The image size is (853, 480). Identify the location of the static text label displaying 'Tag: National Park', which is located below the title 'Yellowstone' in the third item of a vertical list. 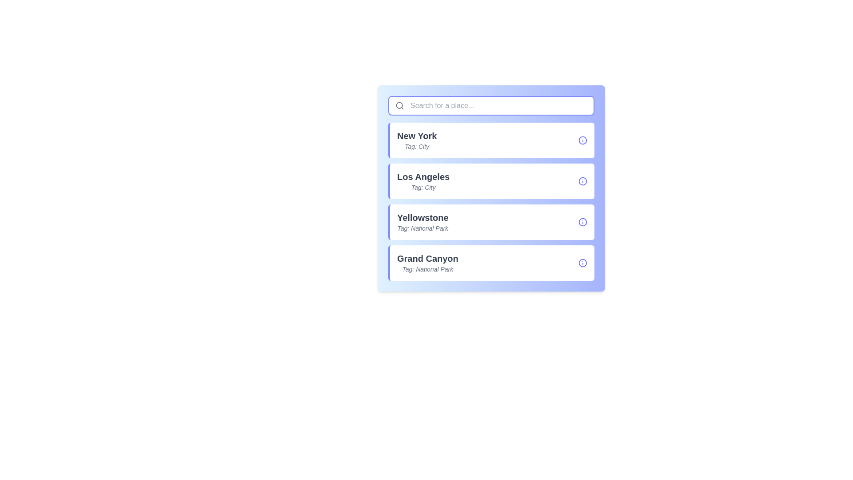
(422, 228).